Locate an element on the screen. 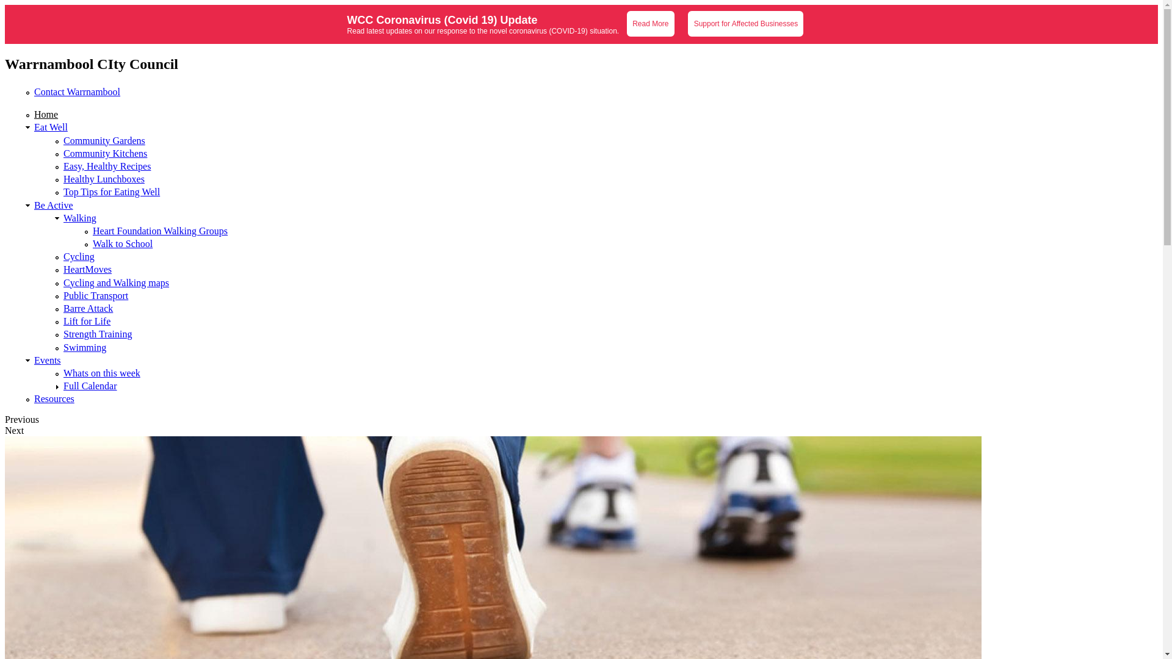  'Easy, Healthy Recipes' is located at coordinates (107, 166).